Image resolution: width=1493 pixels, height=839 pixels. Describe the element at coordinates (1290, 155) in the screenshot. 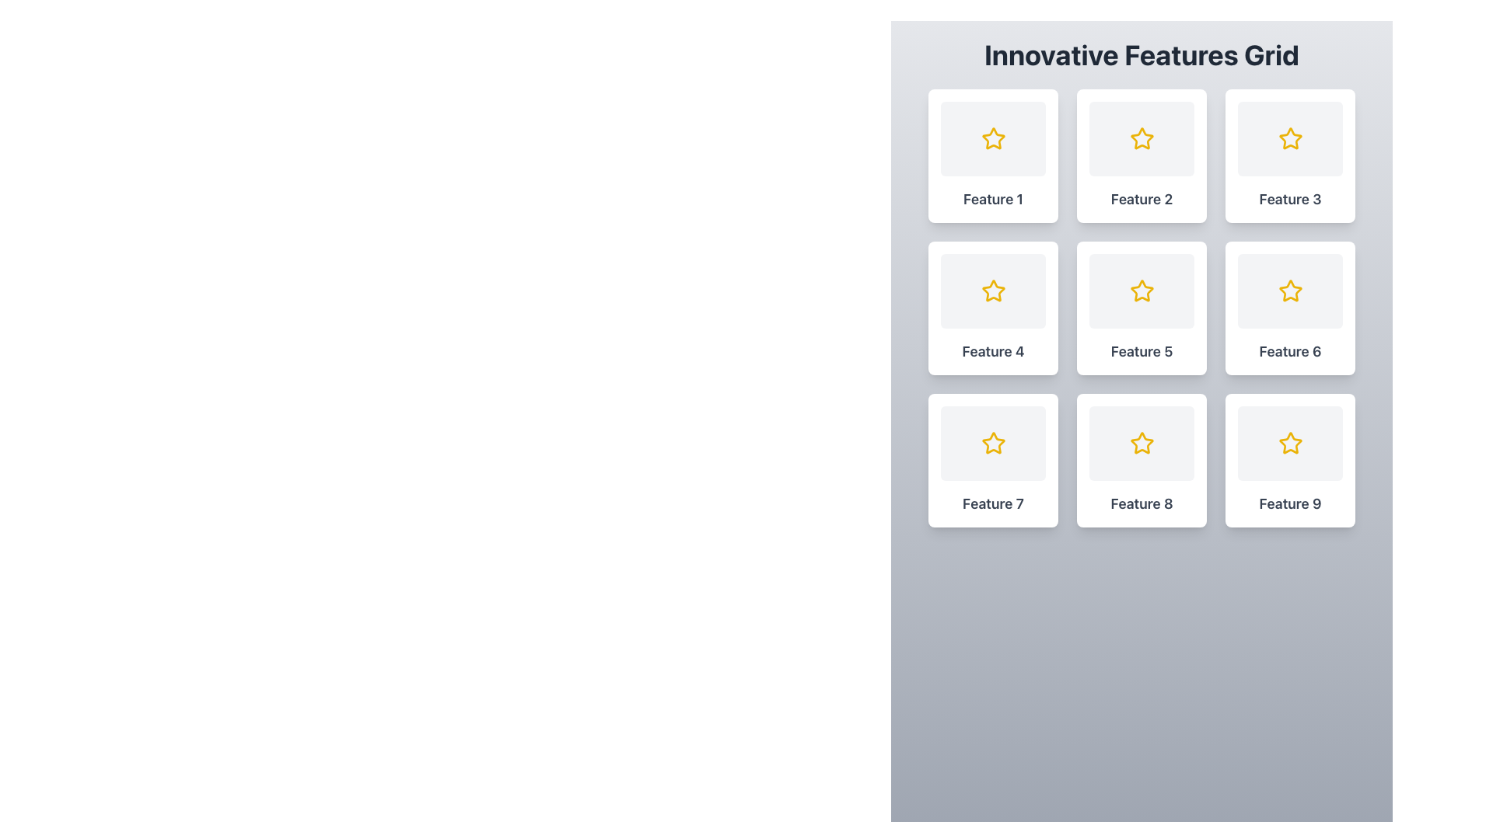

I see `the third feature card located in the top-right corner of a 3x3 grid layout` at that location.